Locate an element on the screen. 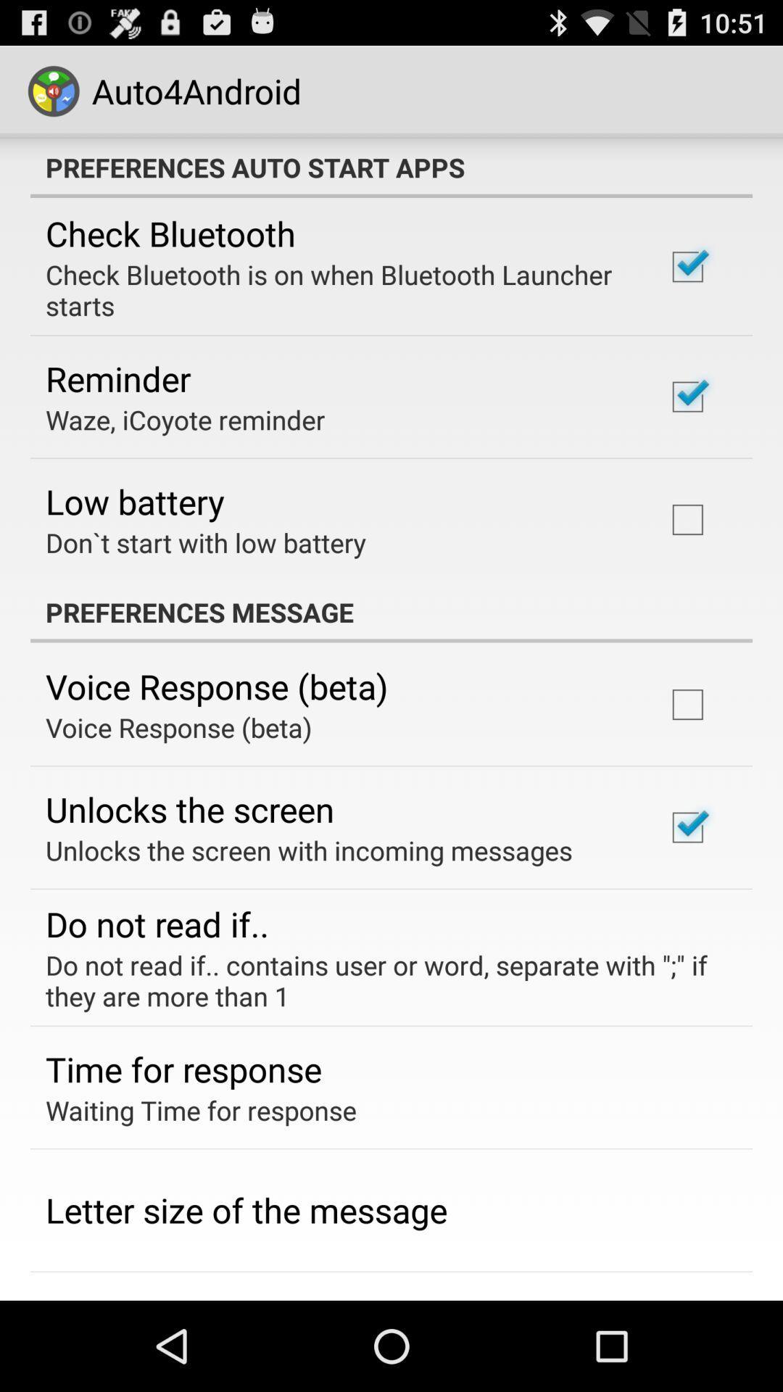  the don t start item is located at coordinates (205, 542).